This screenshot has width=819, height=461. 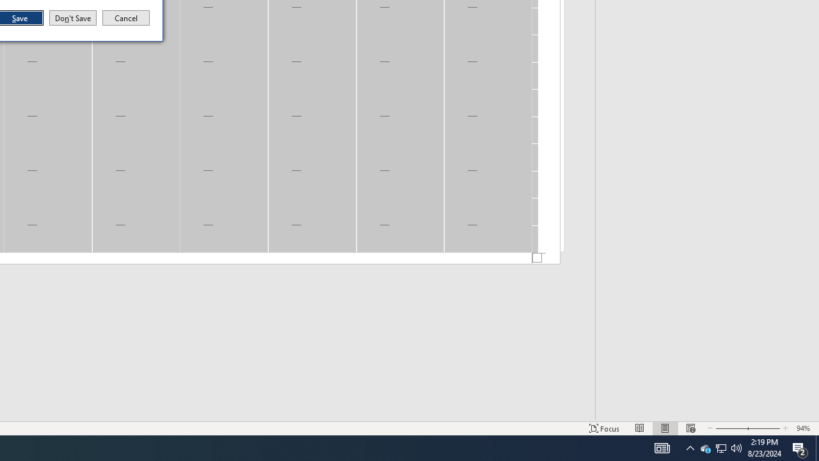 What do you see at coordinates (72, 18) in the screenshot?
I see `'Don'` at bounding box center [72, 18].